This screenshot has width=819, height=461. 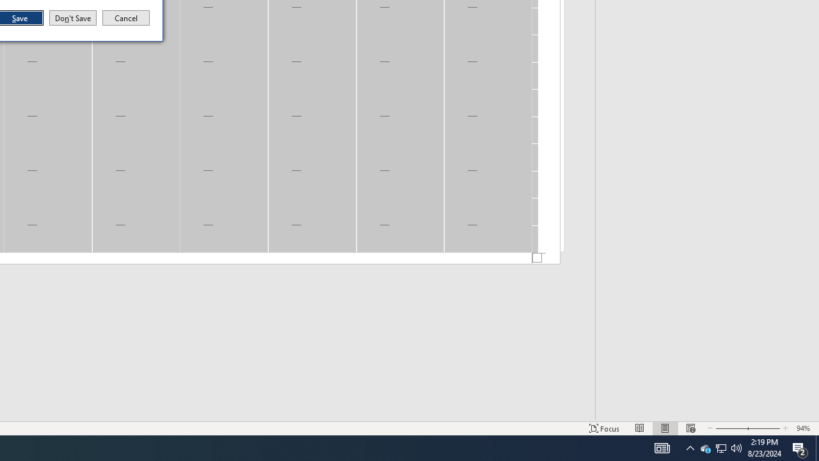 What do you see at coordinates (72, 18) in the screenshot?
I see `'Don'` at bounding box center [72, 18].